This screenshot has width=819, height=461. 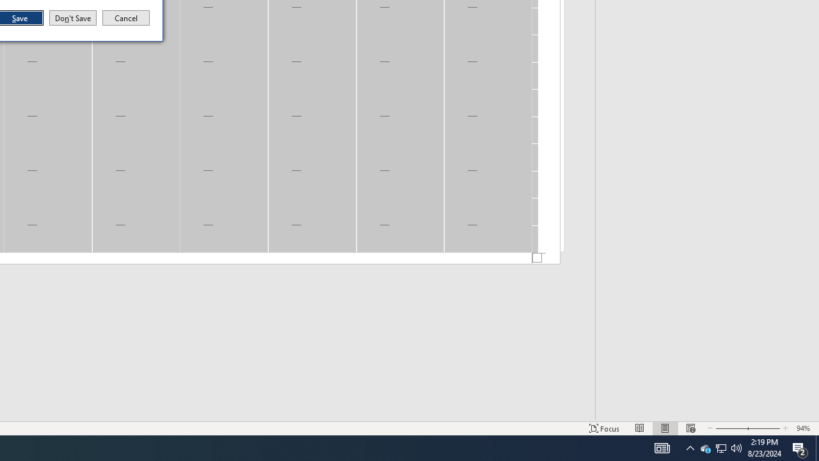 What do you see at coordinates (72, 18) in the screenshot?
I see `'Don'` at bounding box center [72, 18].